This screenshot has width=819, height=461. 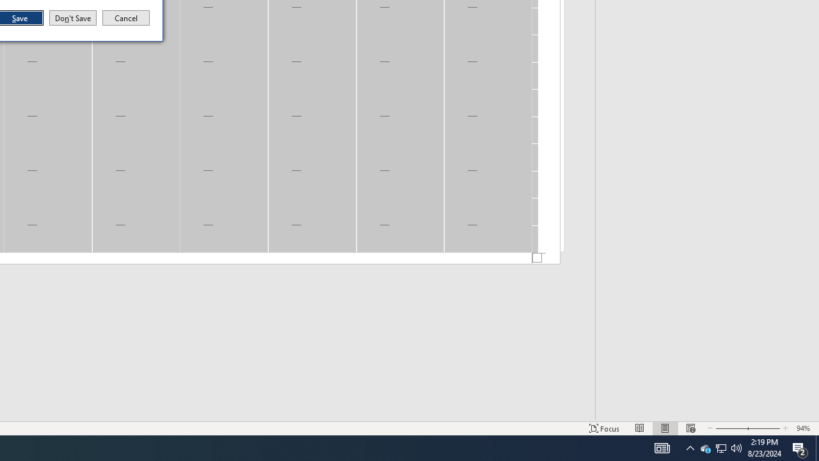 What do you see at coordinates (72, 18) in the screenshot?
I see `'Don'` at bounding box center [72, 18].